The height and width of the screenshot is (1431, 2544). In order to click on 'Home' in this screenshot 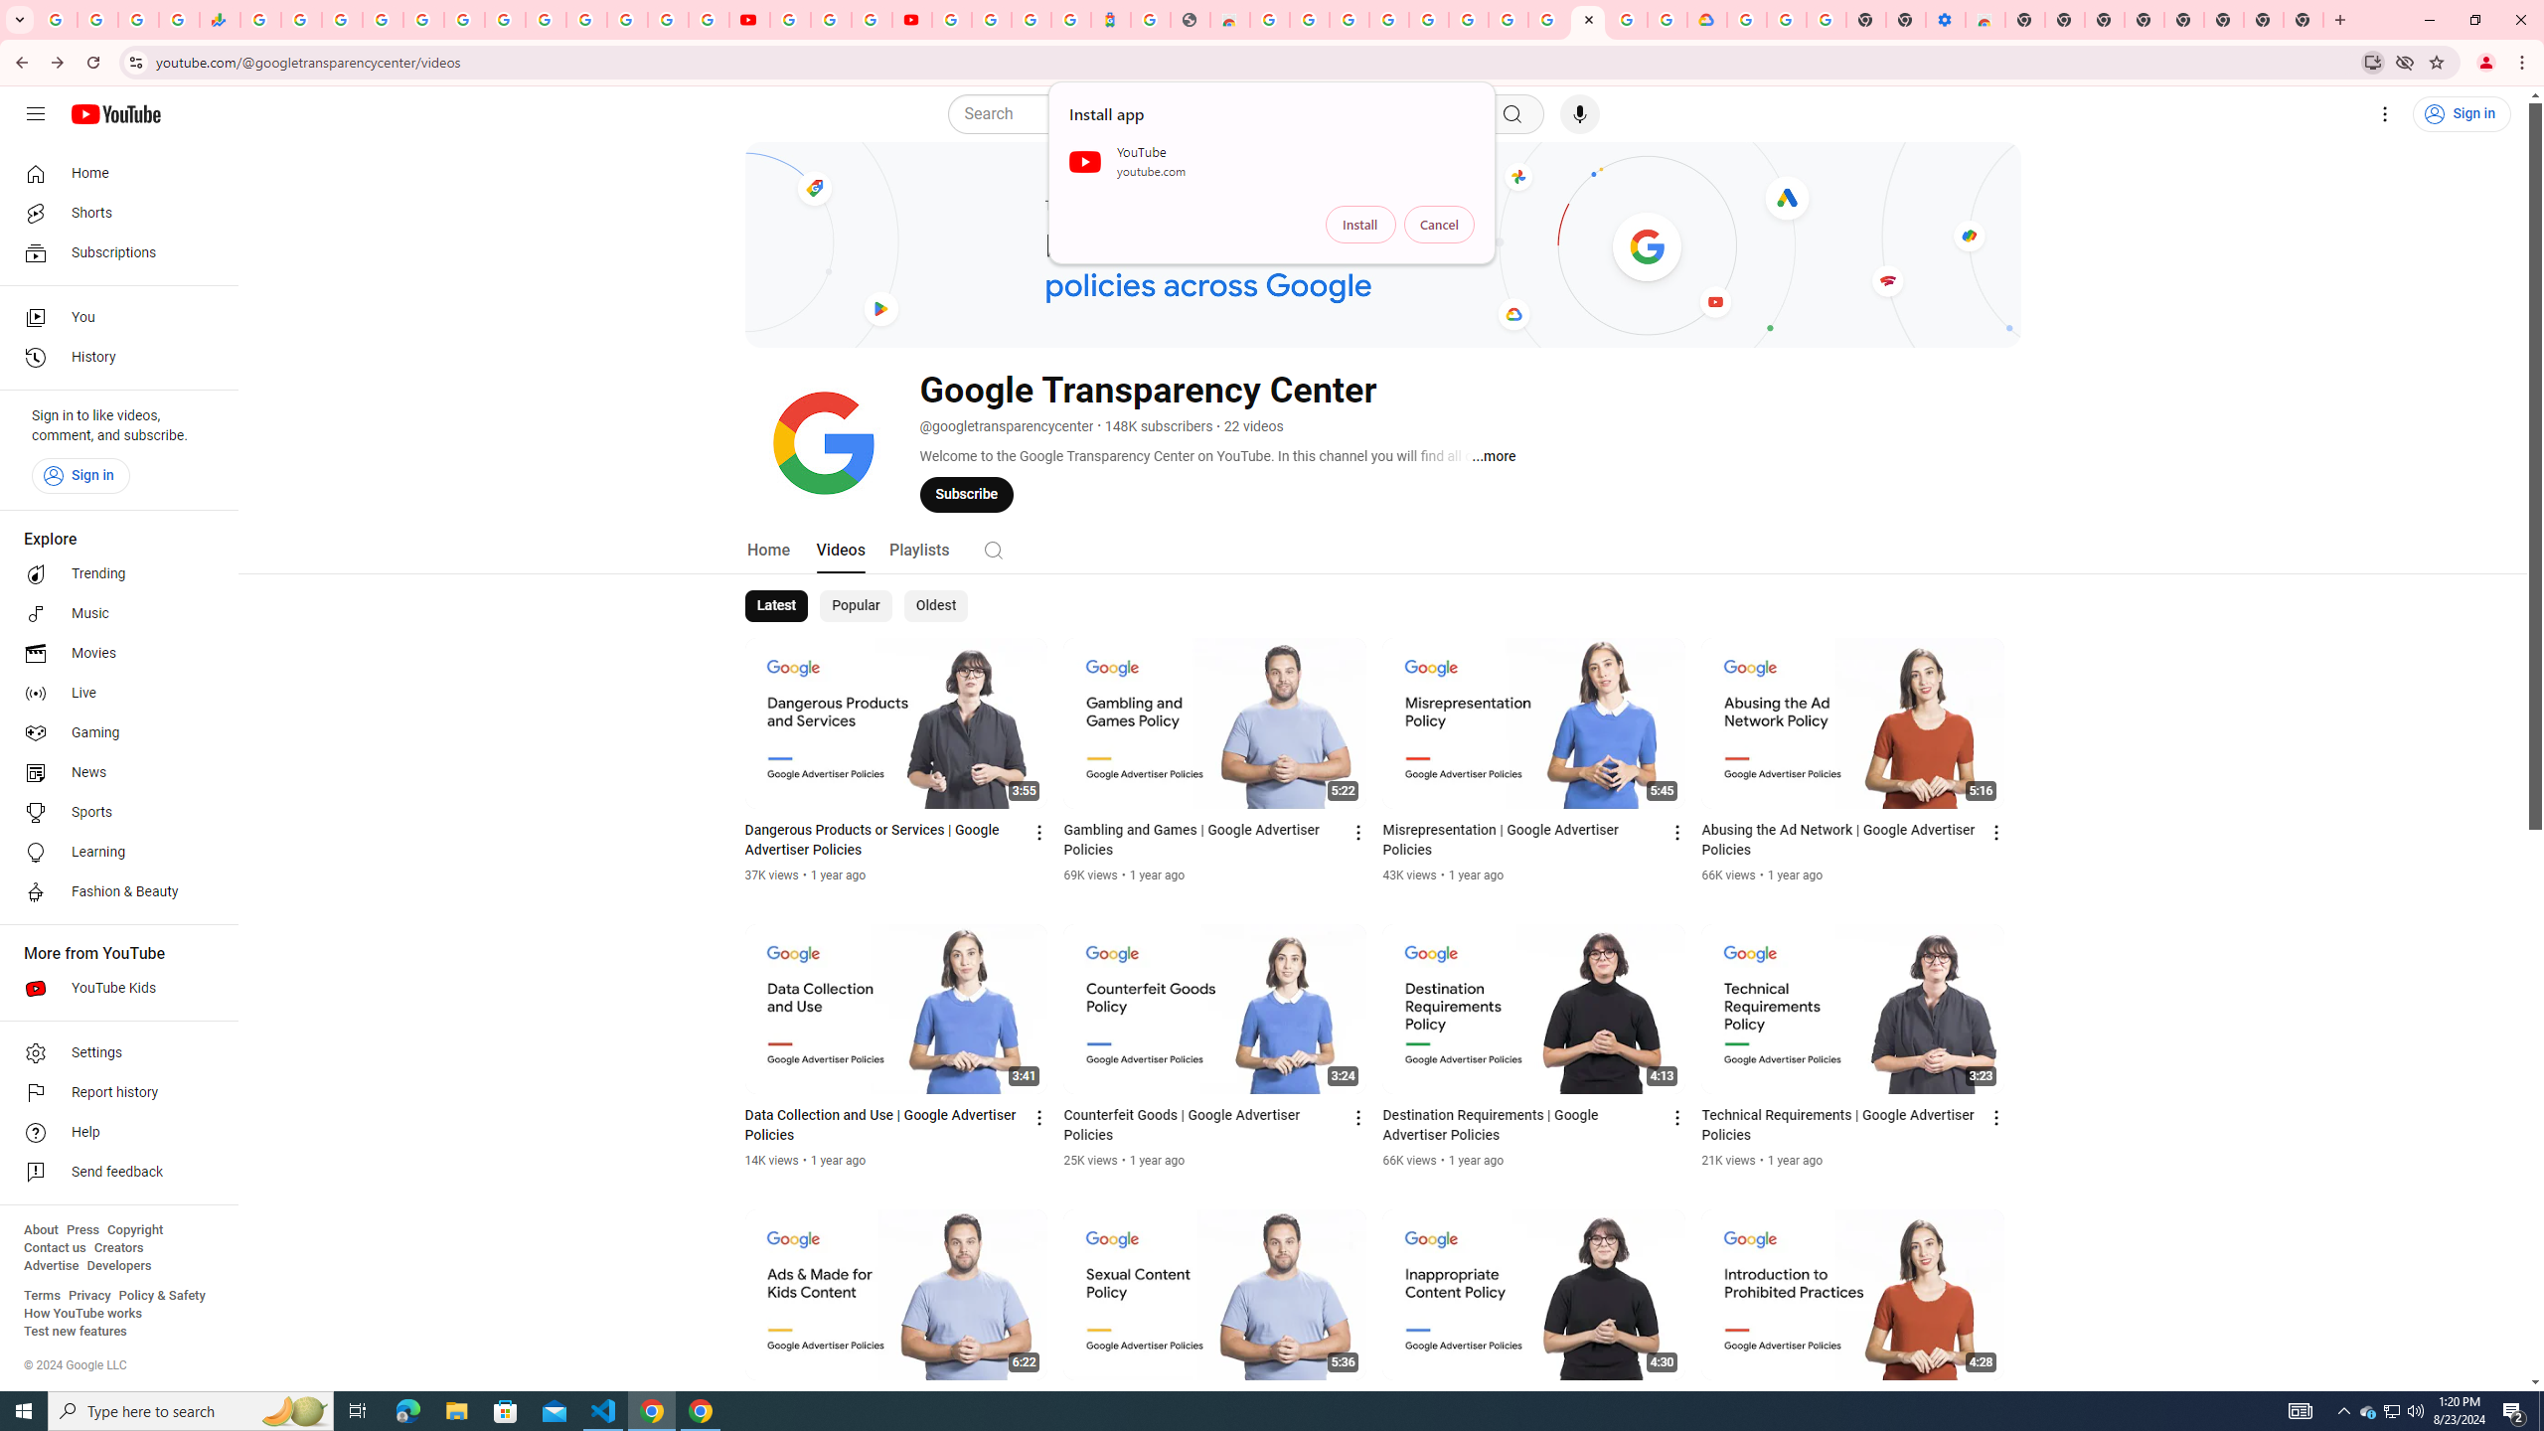, I will do `click(112, 172)`.